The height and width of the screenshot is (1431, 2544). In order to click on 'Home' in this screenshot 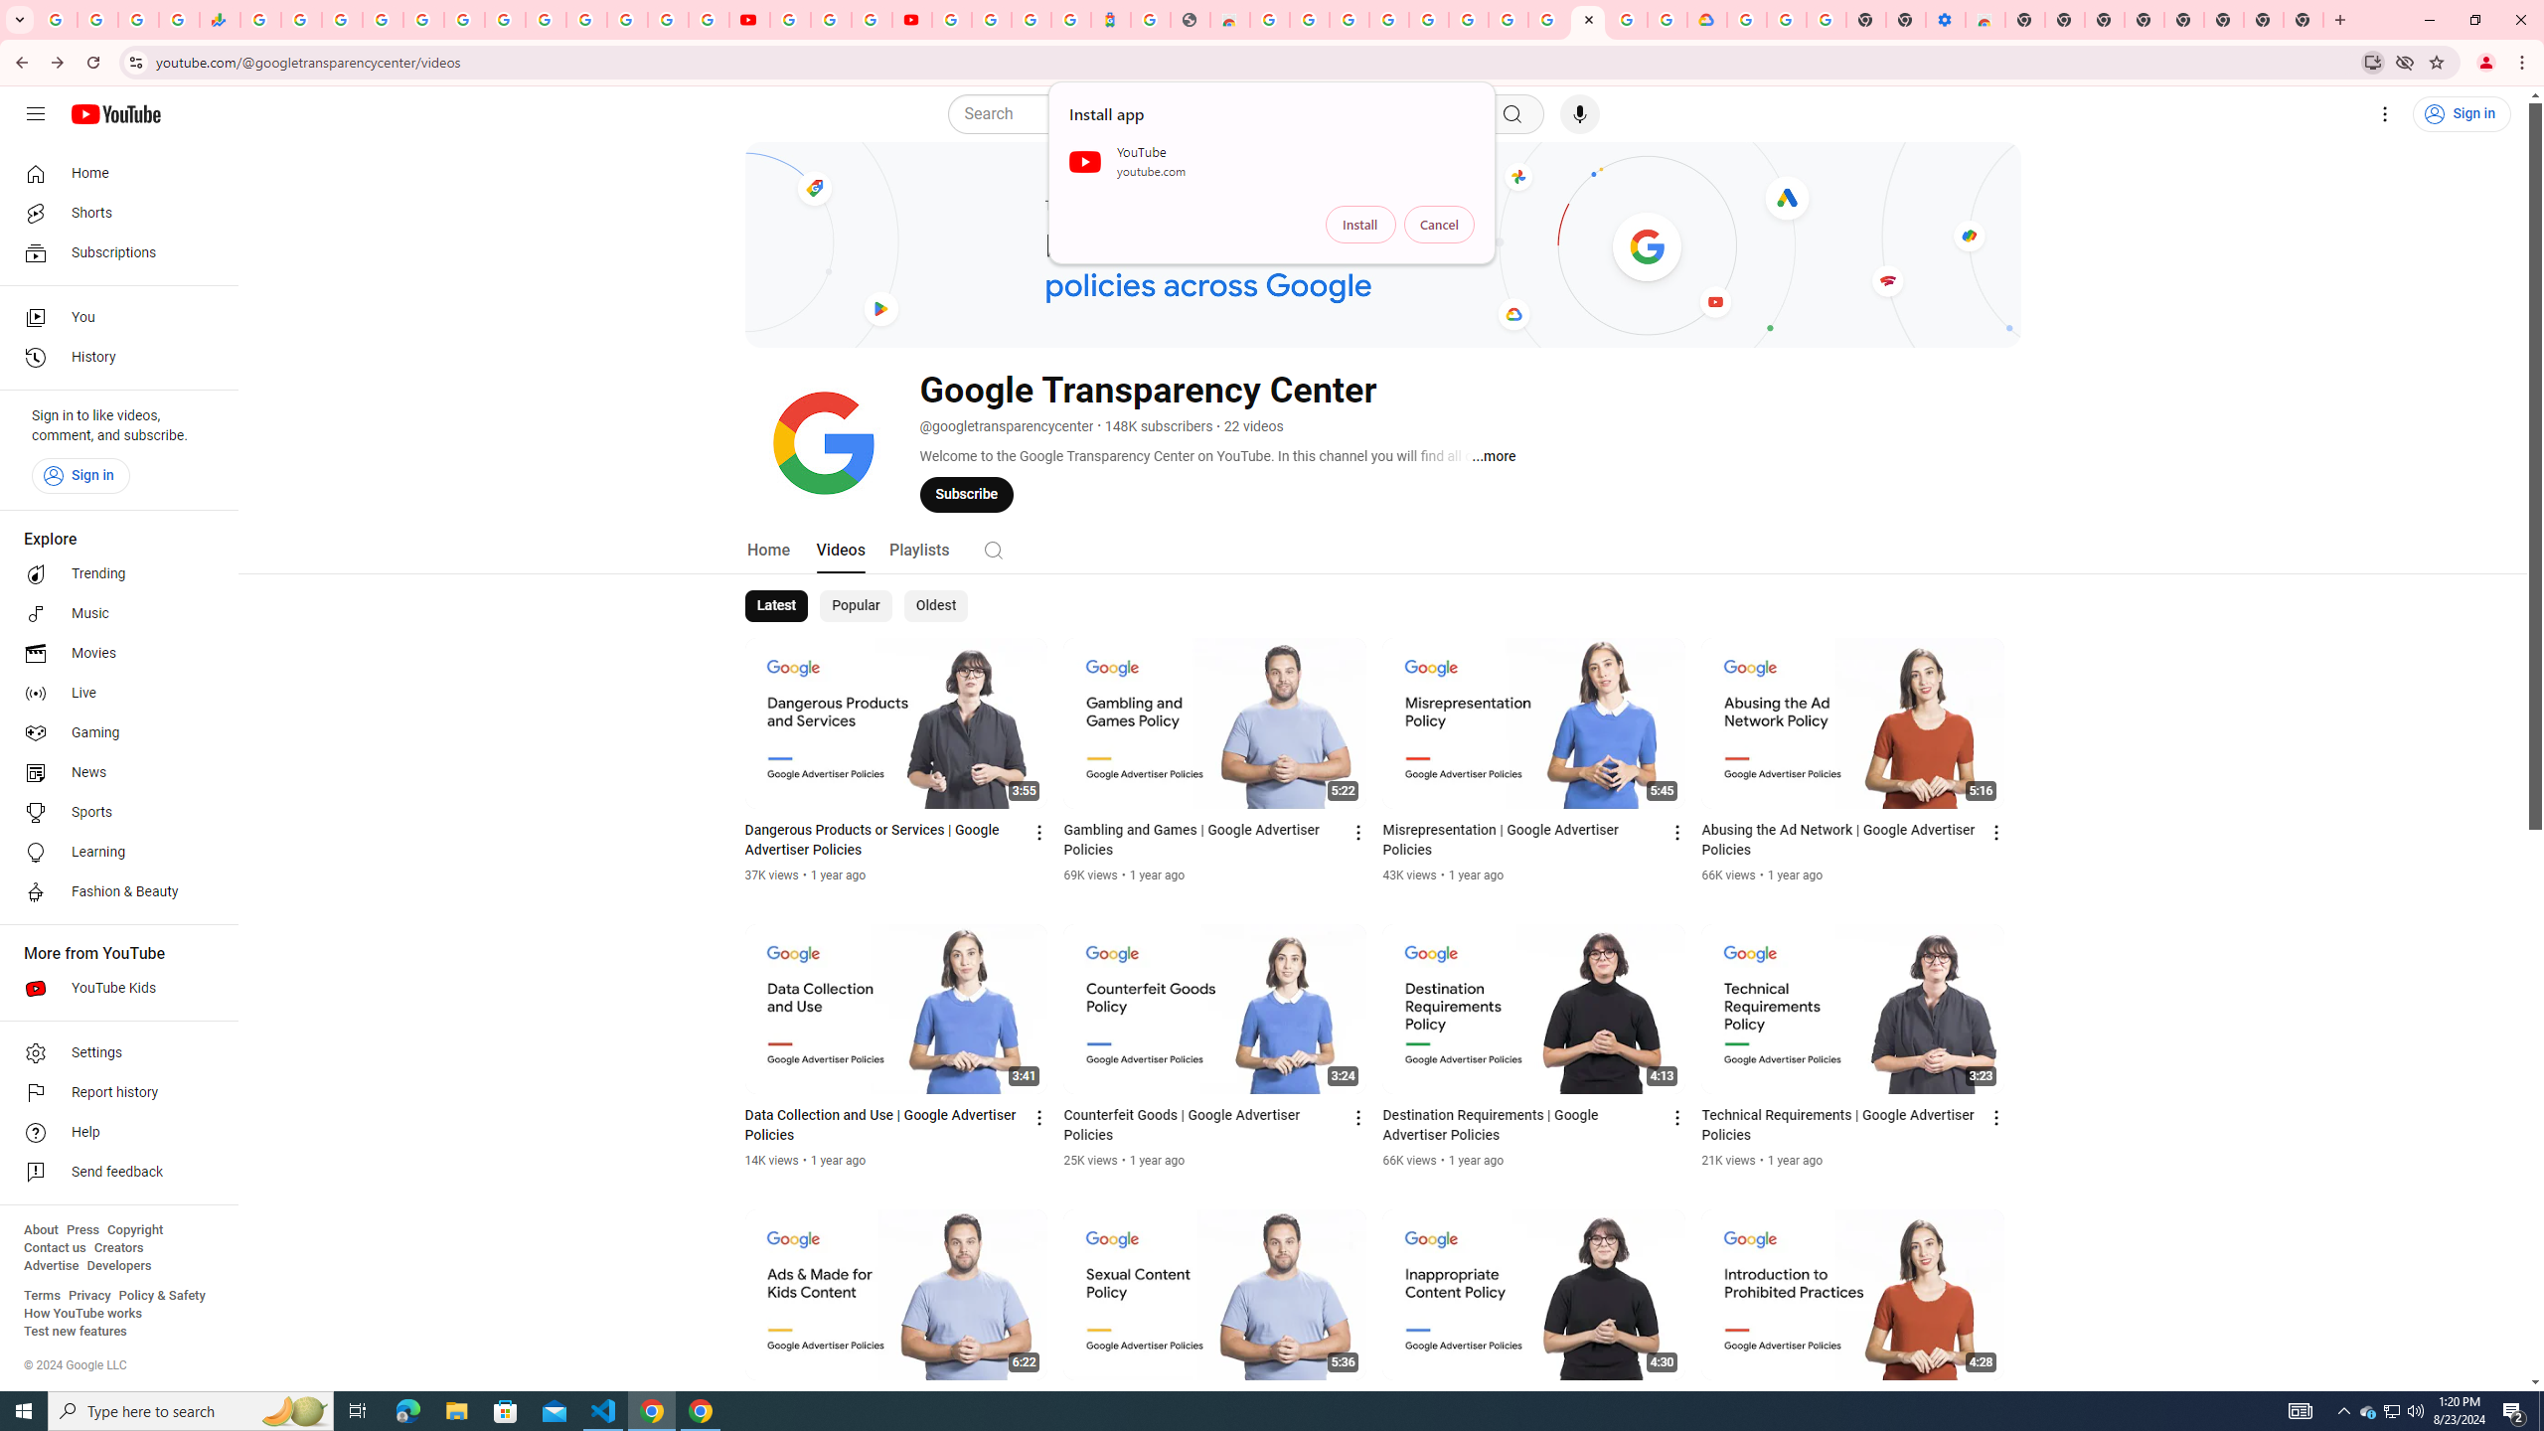, I will do `click(112, 172)`.